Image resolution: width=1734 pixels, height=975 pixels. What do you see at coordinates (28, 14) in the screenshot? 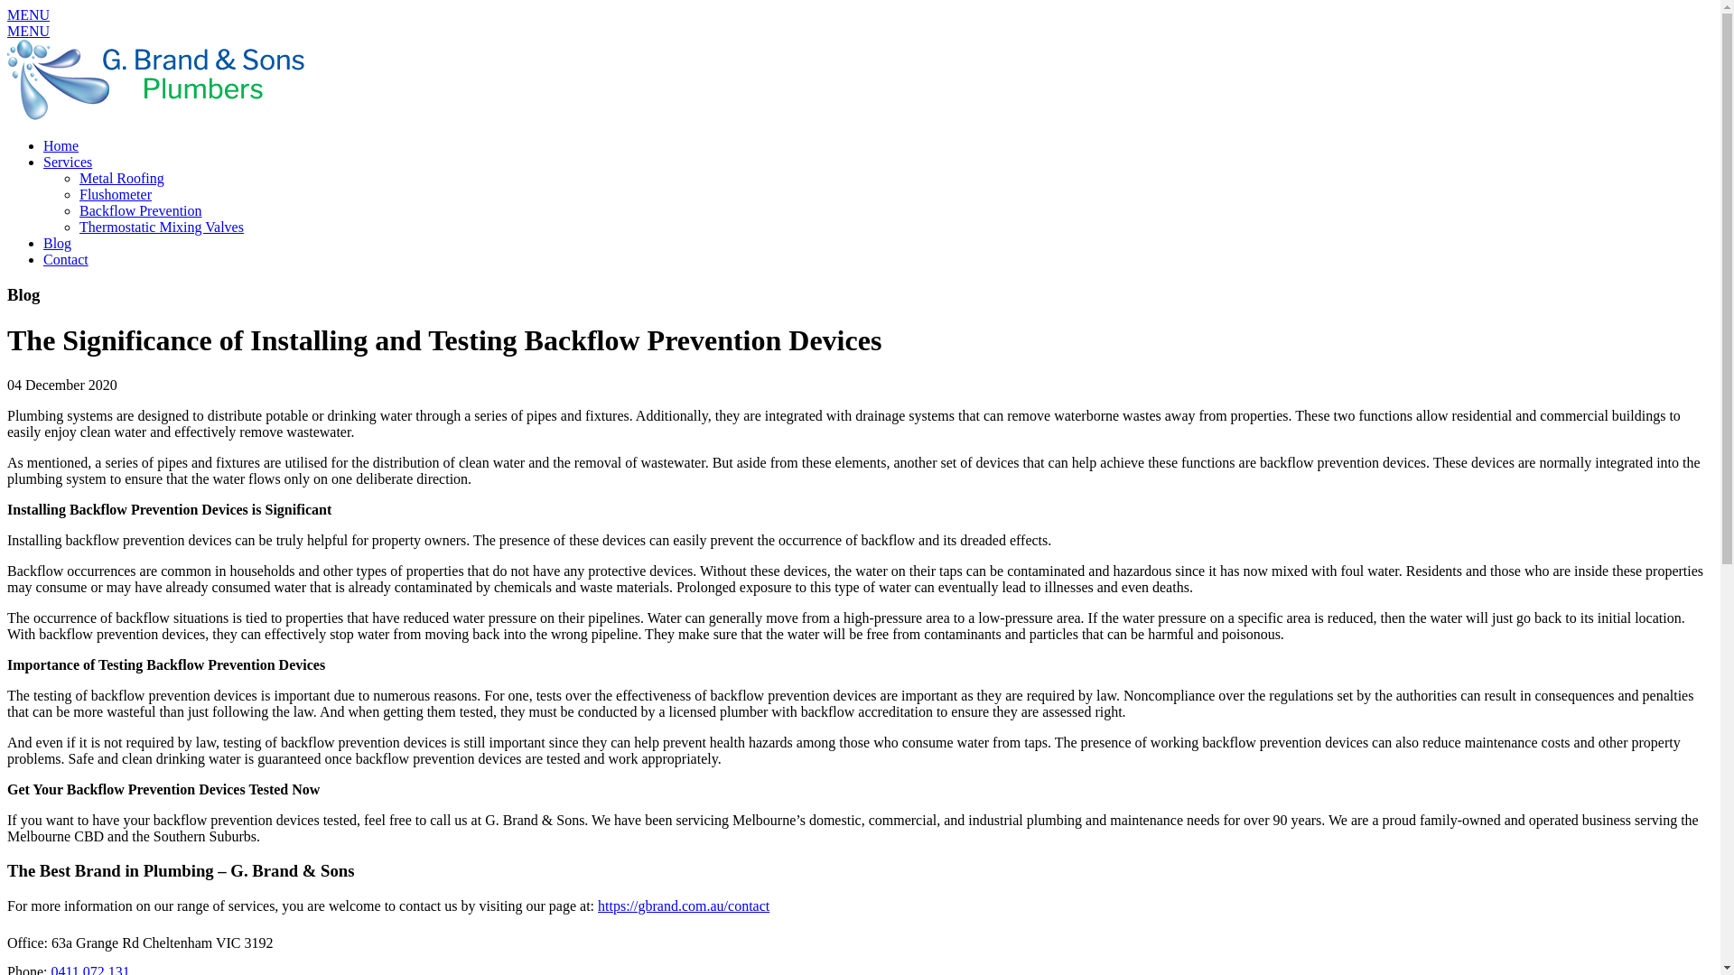
I see `'MENU'` at bounding box center [28, 14].